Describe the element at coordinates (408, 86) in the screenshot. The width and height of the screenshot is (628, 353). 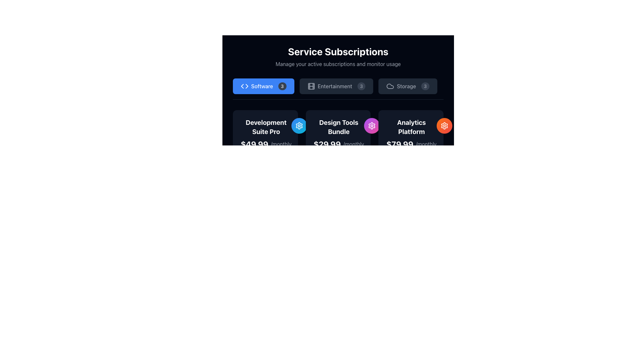
I see `the third button in the horizontal row, which is used for storage-related features` at that location.